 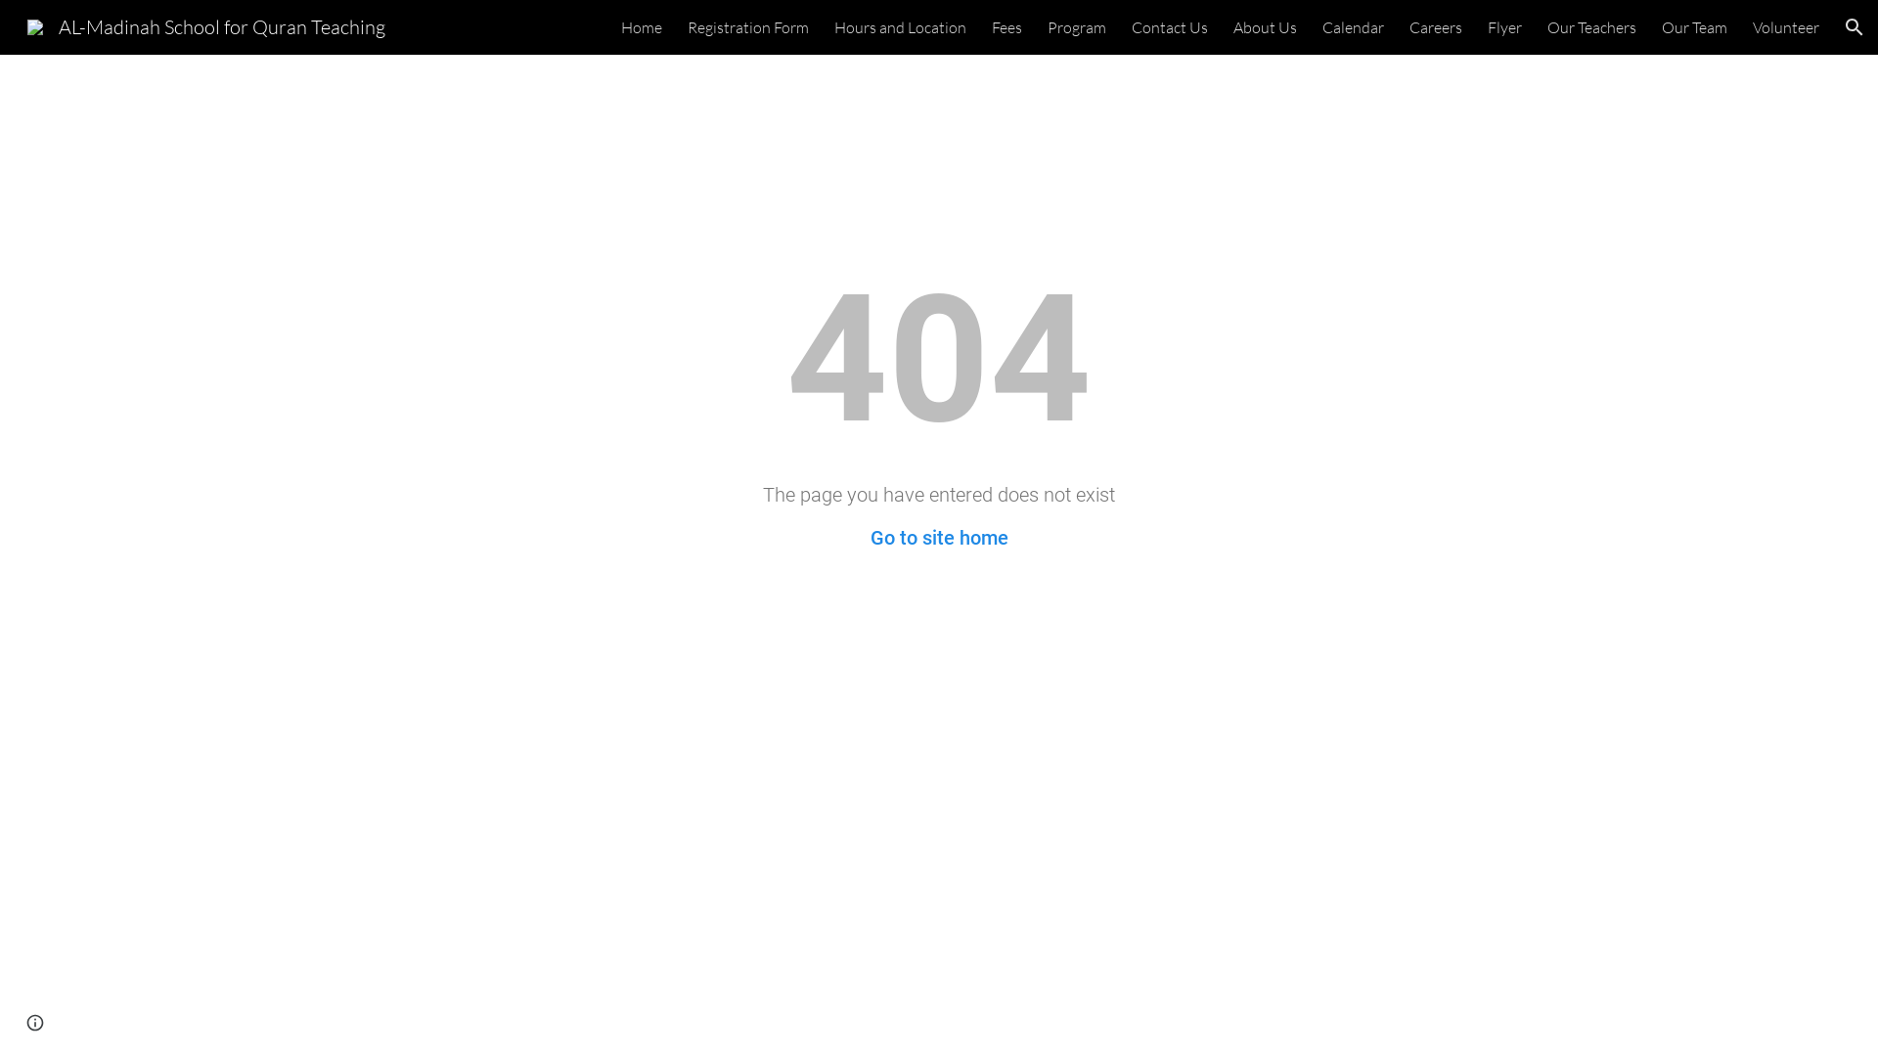 What do you see at coordinates (206, 24) in the screenshot?
I see `'AL-Madinah School for Quran Teaching'` at bounding box center [206, 24].